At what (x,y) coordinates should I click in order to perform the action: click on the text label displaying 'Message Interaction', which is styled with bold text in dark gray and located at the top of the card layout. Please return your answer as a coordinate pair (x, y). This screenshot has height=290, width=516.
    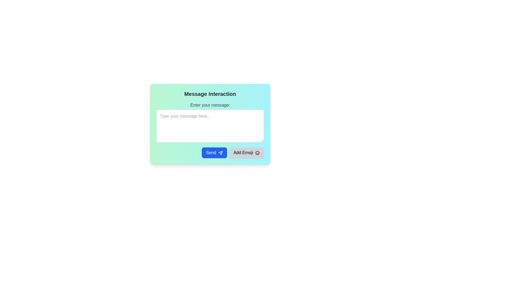
    Looking at the image, I should click on (210, 94).